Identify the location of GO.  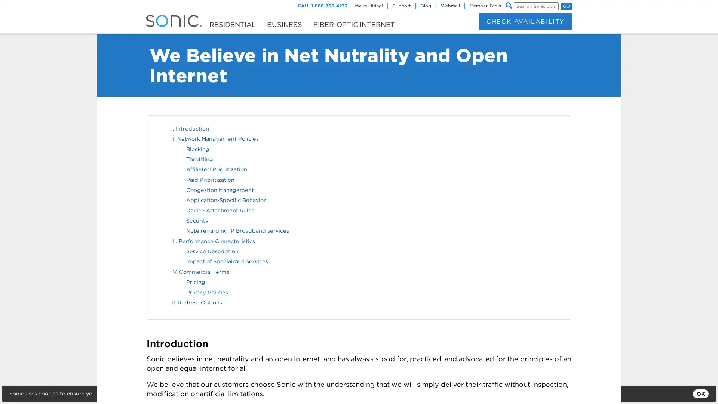
(566, 6).